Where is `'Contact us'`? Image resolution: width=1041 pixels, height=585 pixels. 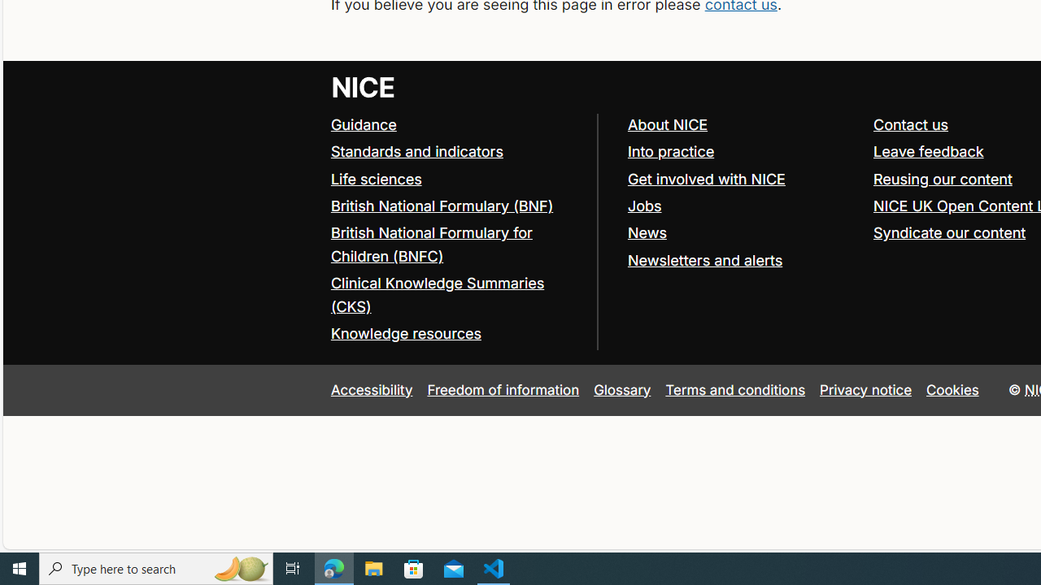
'Contact us' is located at coordinates (911, 123).